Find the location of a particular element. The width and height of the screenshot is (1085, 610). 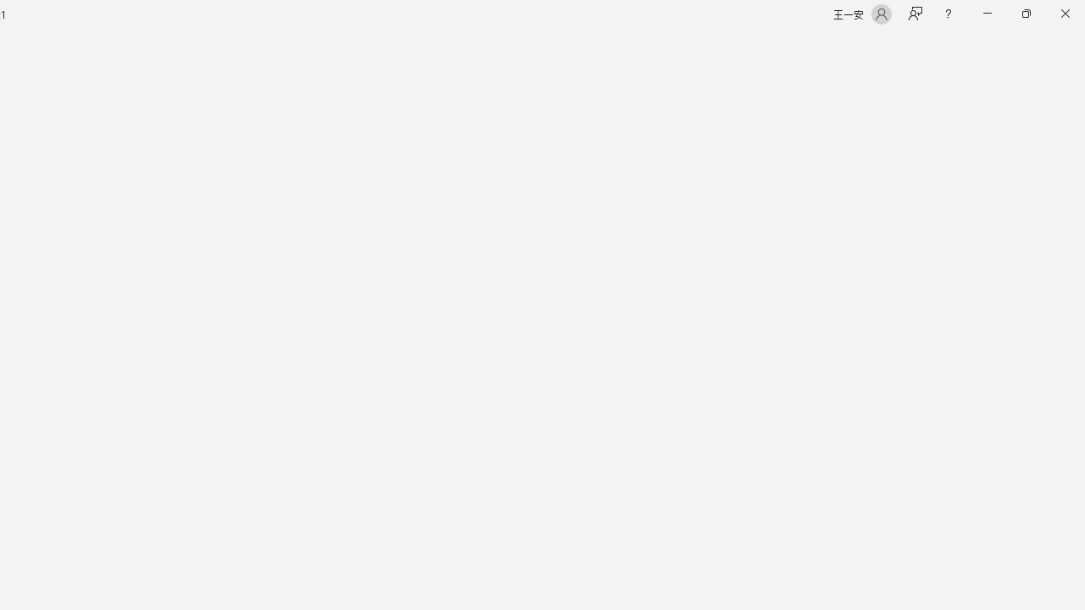

'Close' is located at coordinates (1064, 14).